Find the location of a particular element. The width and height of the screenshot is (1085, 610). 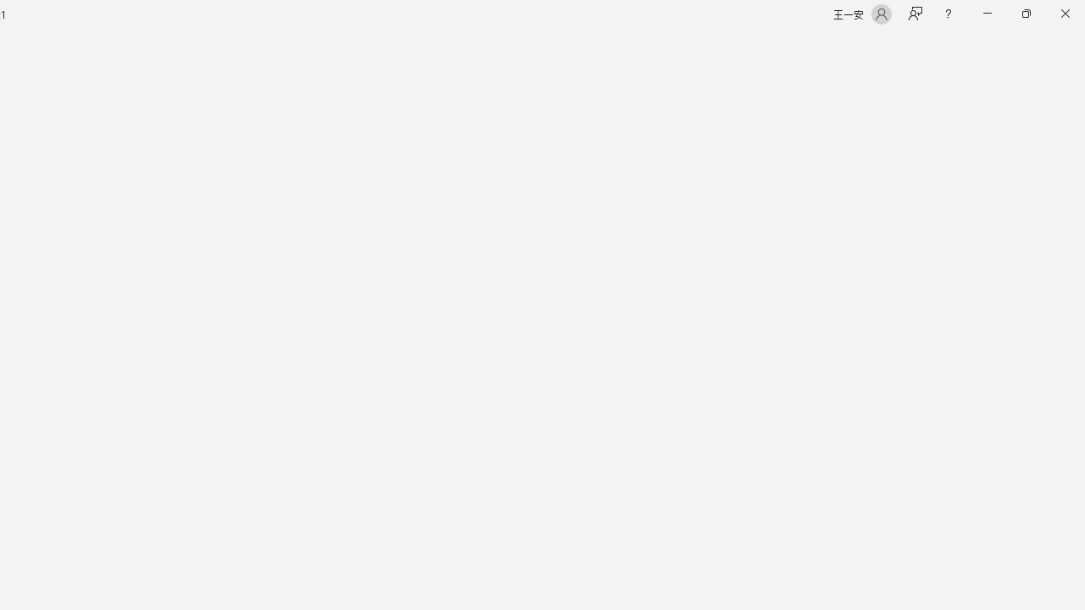

'Close' is located at coordinates (1064, 14).